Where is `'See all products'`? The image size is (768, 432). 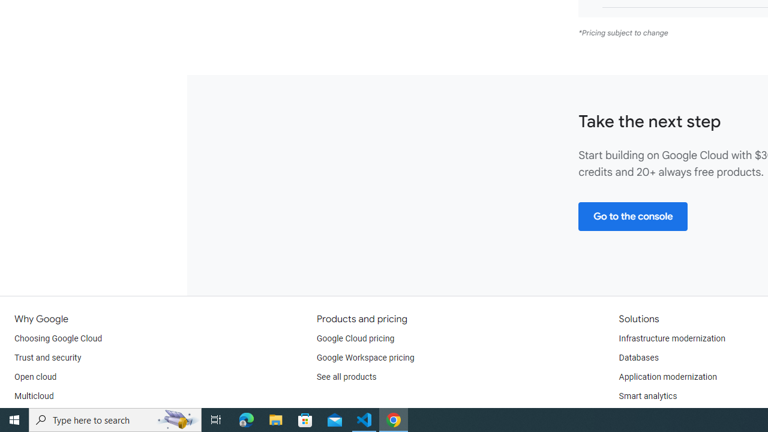 'See all products' is located at coordinates (346, 376).